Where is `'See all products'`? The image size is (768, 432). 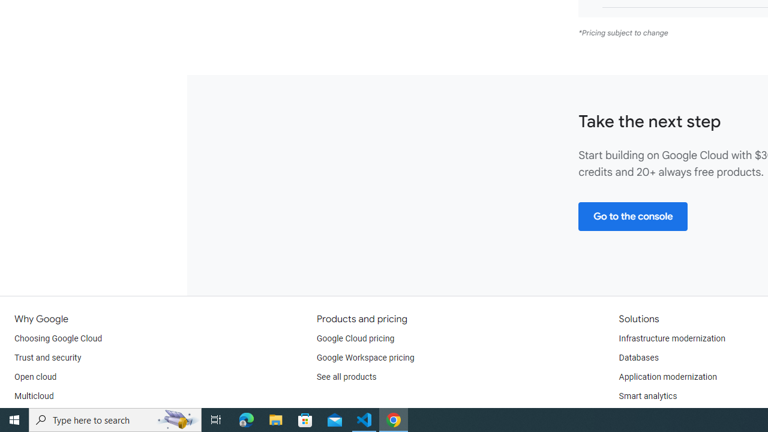 'See all products' is located at coordinates (346, 376).